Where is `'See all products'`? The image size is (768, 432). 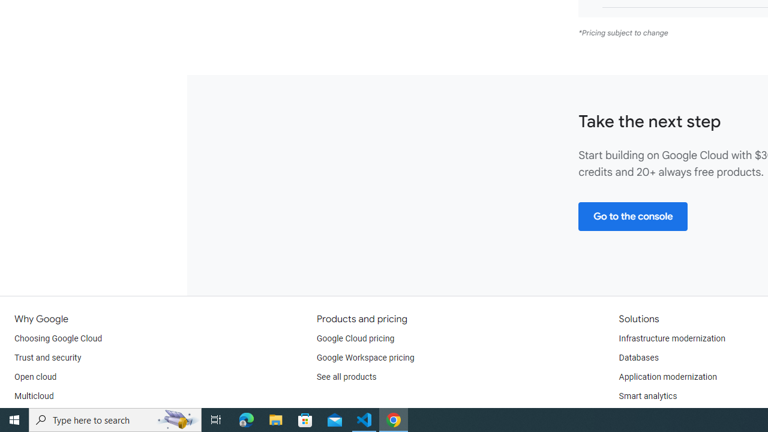 'See all products' is located at coordinates (346, 376).